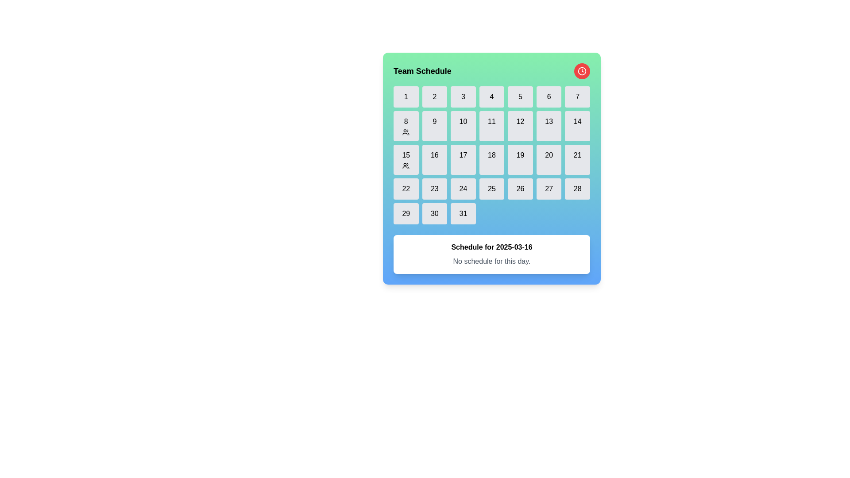  What do you see at coordinates (406, 213) in the screenshot?
I see `the rectangular button labeled '29' with a gray background and rounded borders, positioned in the last row of a grid` at bounding box center [406, 213].